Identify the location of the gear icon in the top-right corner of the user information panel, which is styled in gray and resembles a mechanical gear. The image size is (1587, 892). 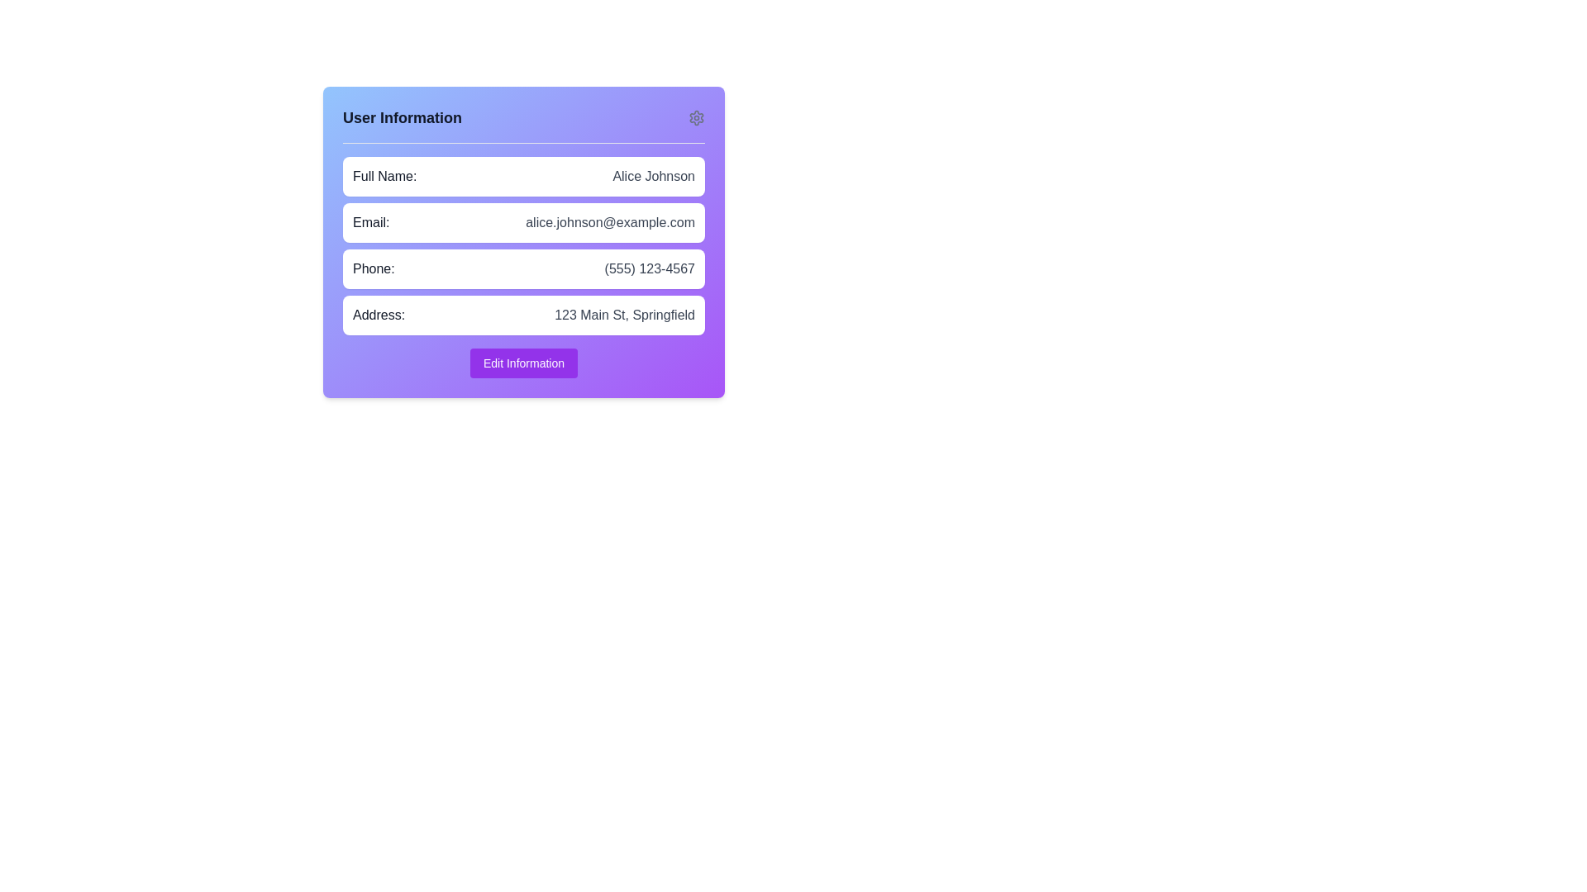
(697, 116).